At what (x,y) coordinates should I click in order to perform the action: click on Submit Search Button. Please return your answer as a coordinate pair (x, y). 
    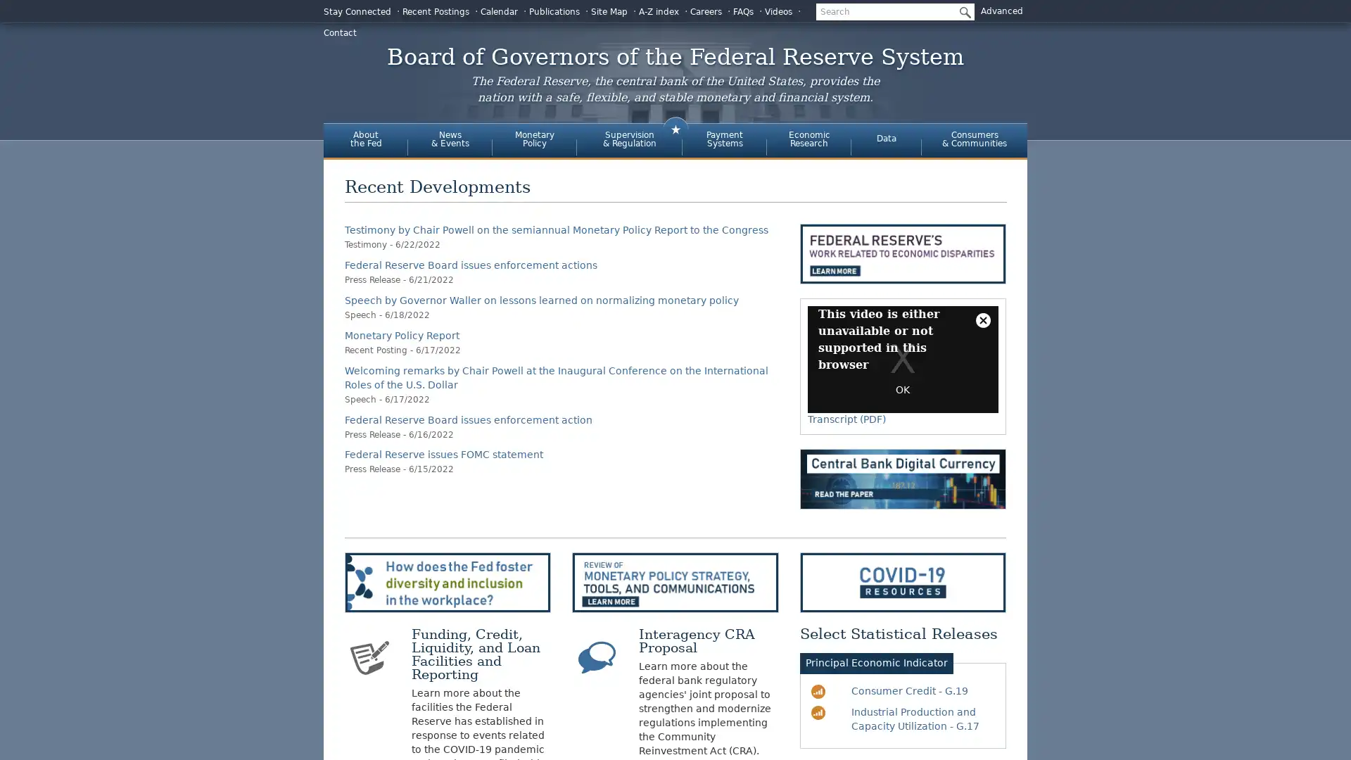
    Looking at the image, I should click on (962, 11).